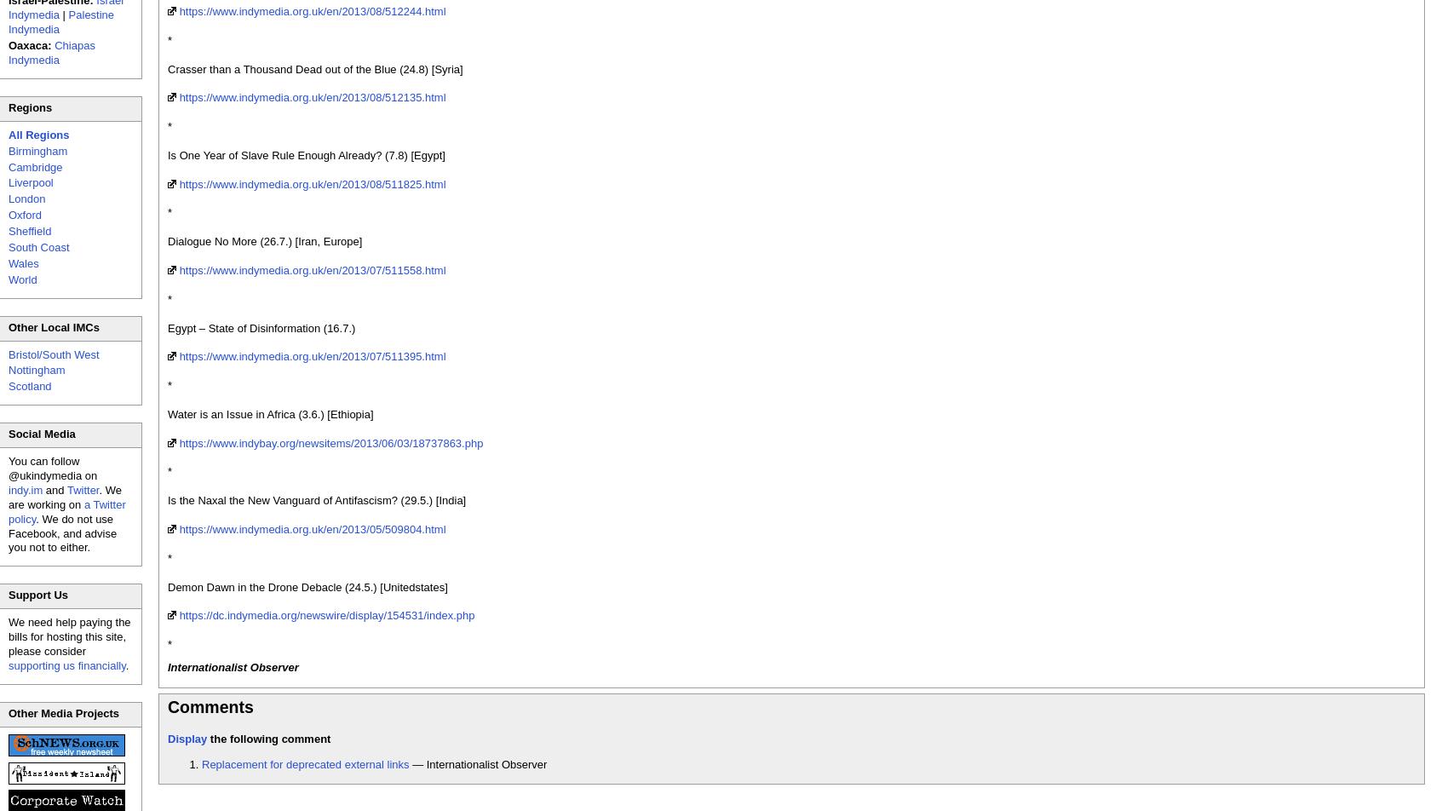 Image resolution: width=1442 pixels, height=811 pixels. Describe the element at coordinates (168, 68) in the screenshot. I see `'Crasser than a Thousand Dead out of the Blue (24.8) [Syria]'` at that location.